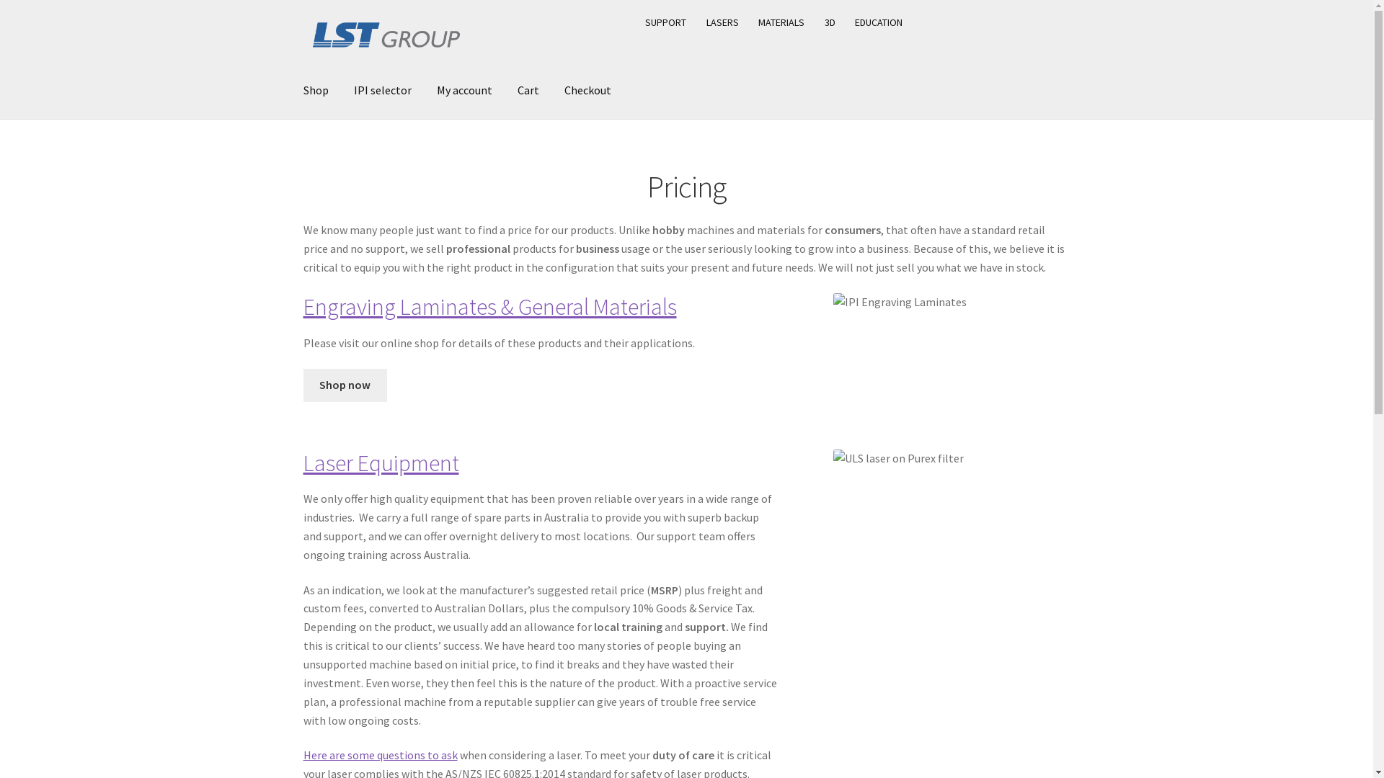 This screenshot has height=778, width=1384. Describe the element at coordinates (490, 305) in the screenshot. I see `'Engraving Laminates & General Materials'` at that location.